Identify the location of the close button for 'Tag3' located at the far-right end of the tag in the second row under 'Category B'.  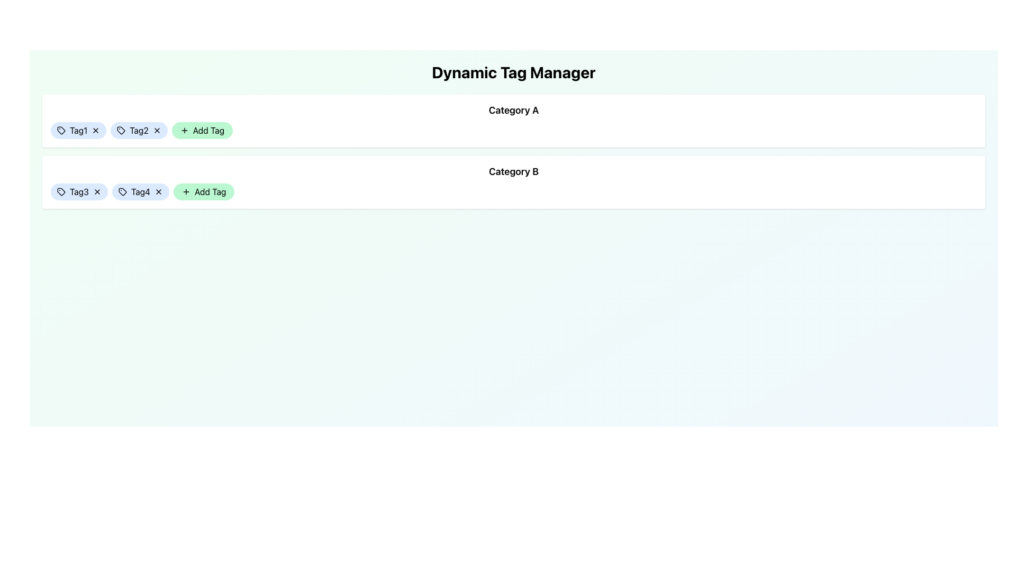
(97, 191).